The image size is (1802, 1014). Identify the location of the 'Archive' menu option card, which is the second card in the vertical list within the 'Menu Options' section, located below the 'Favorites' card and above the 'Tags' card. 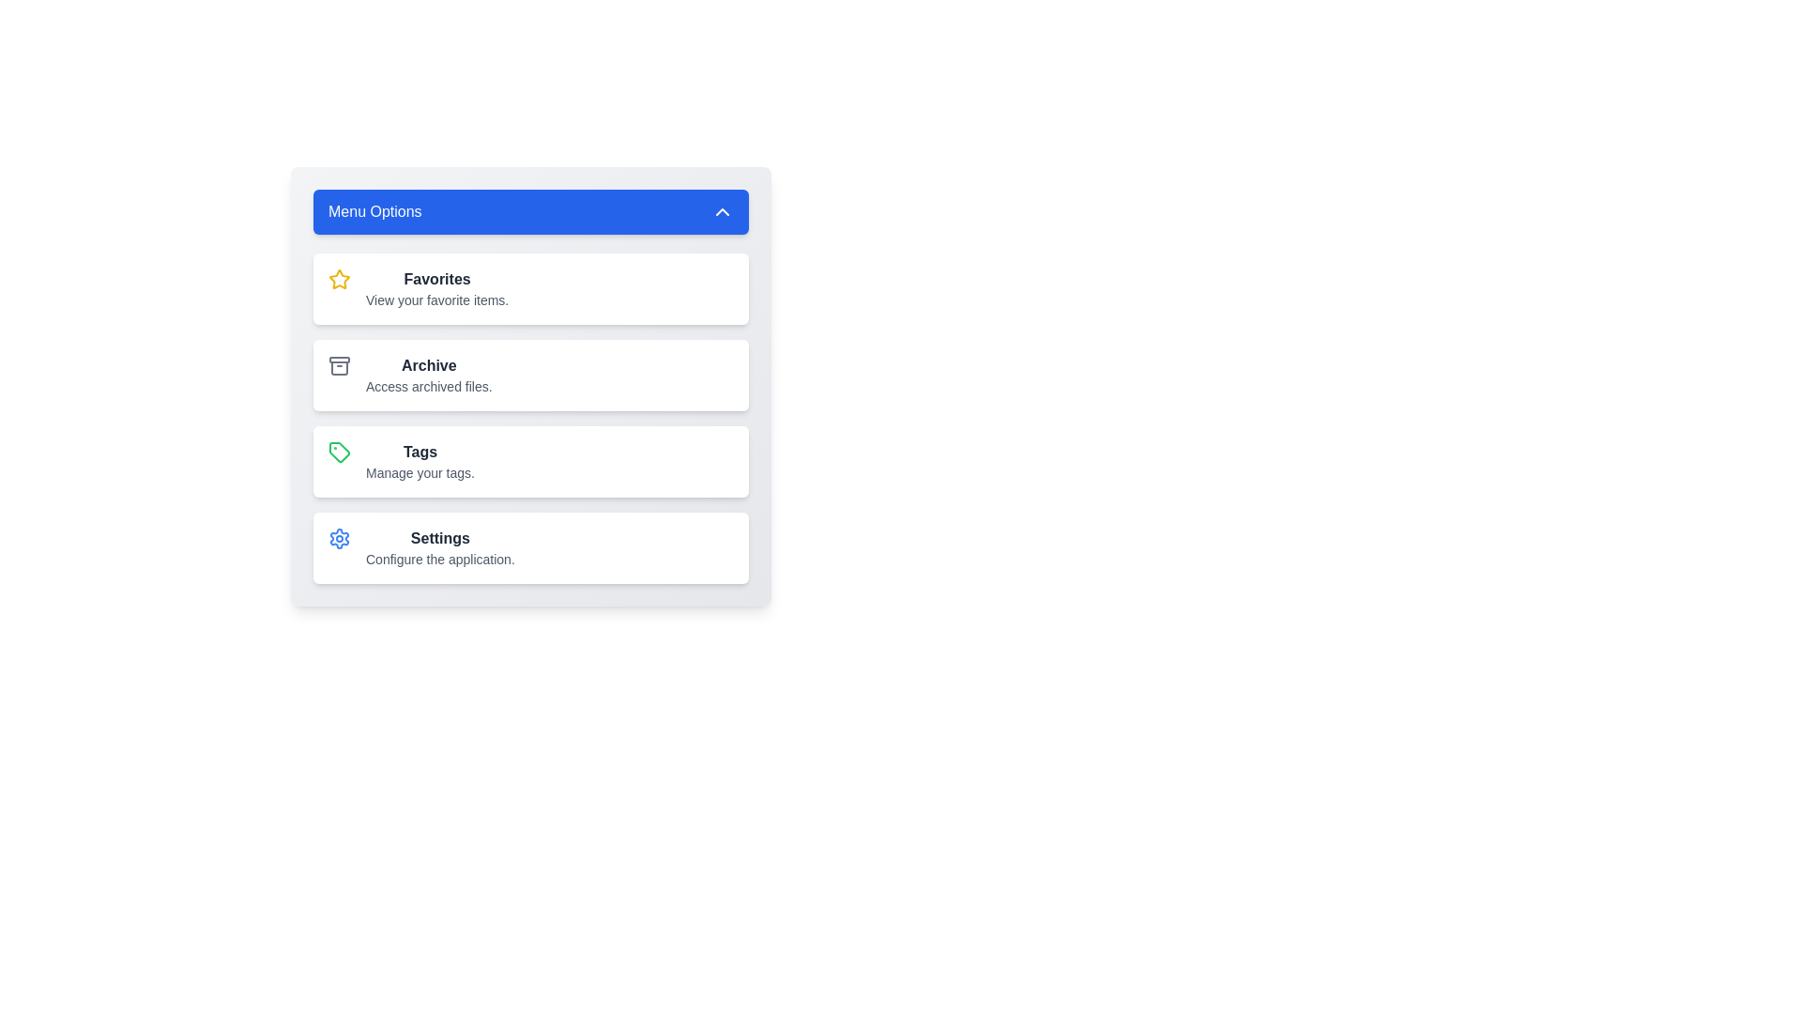
(530, 376).